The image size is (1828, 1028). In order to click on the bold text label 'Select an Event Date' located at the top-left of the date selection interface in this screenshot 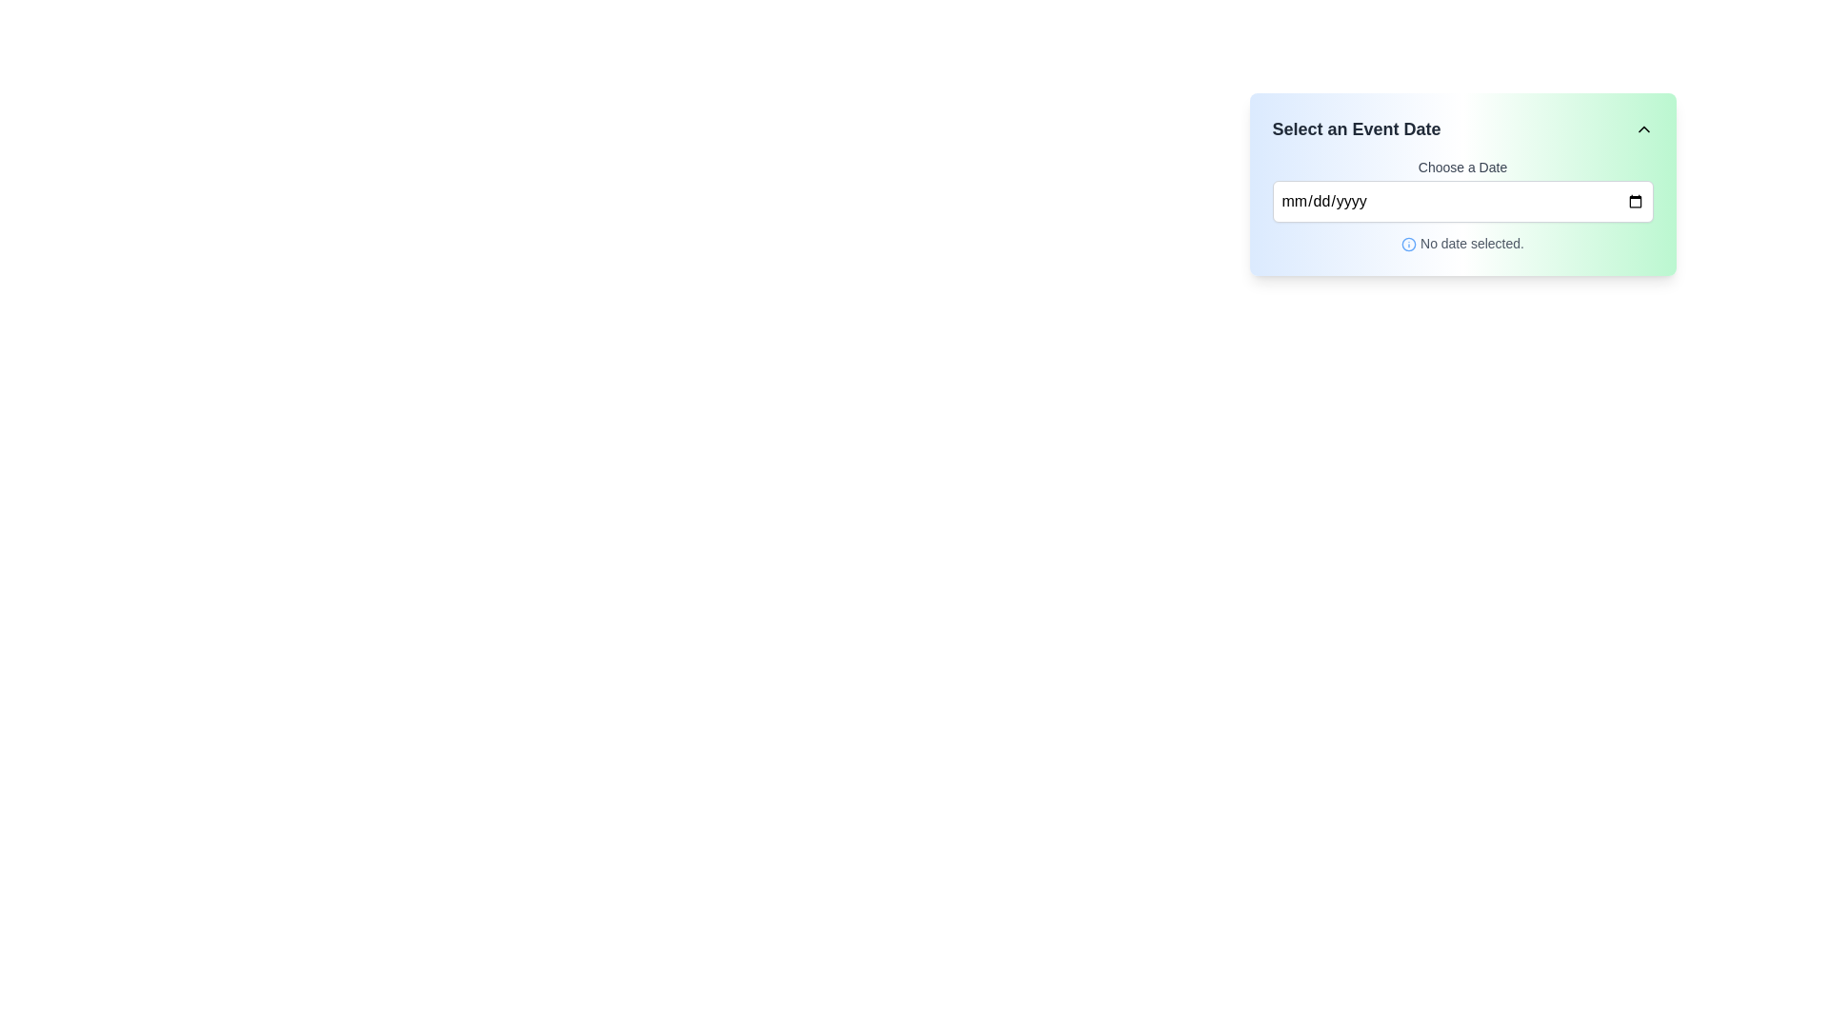, I will do `click(1356, 128)`.